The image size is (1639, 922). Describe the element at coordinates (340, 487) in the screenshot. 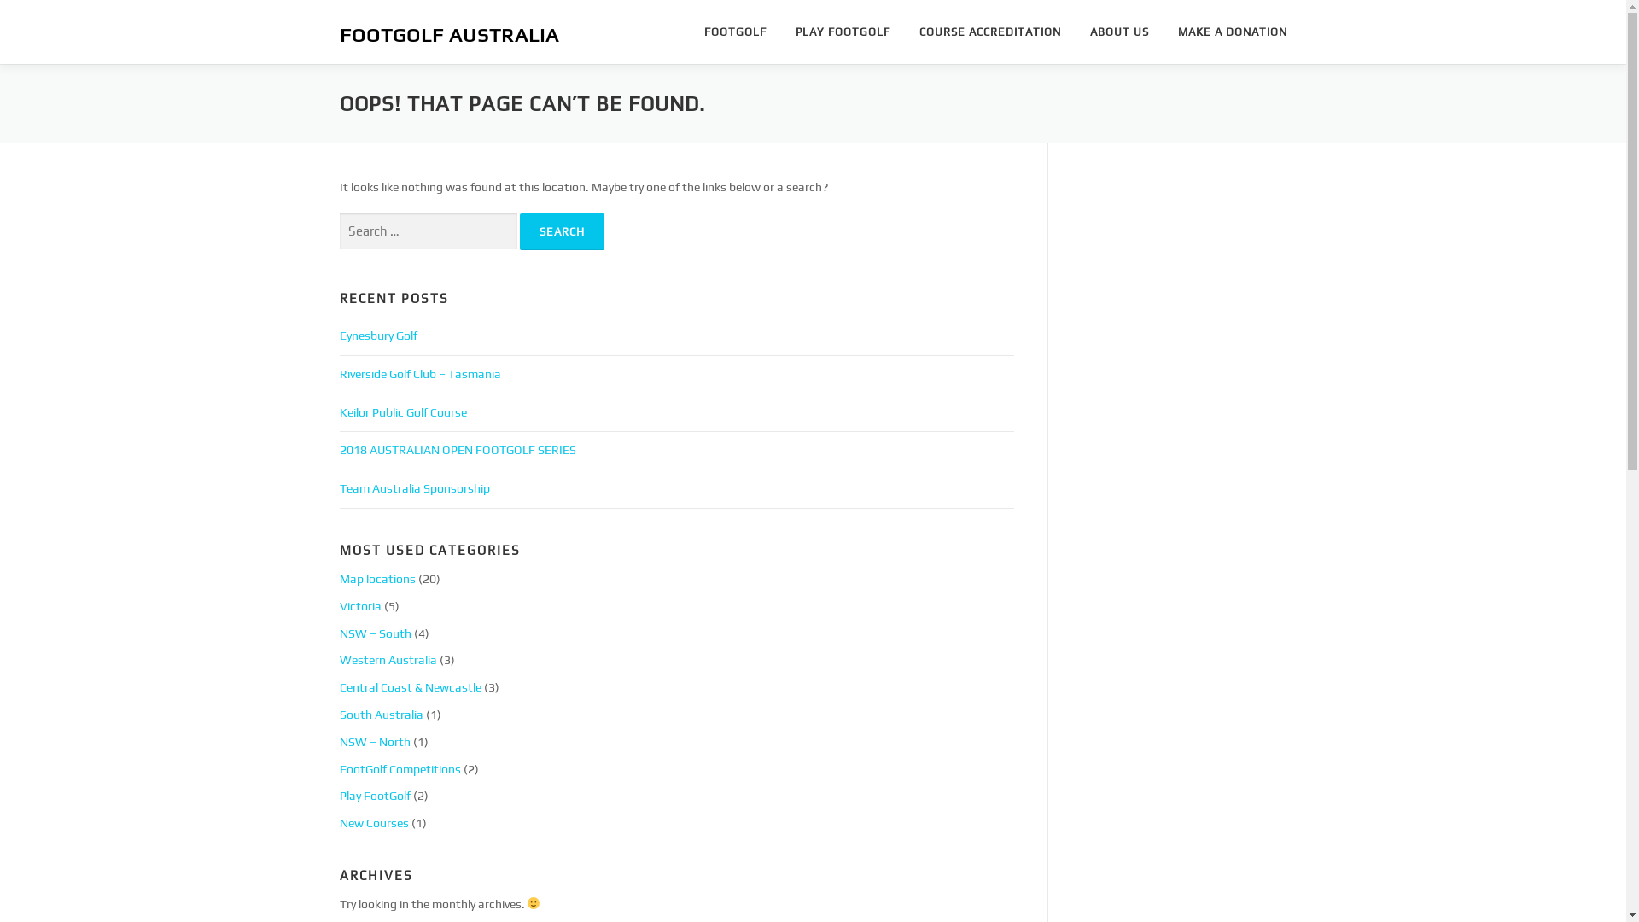

I see `'Team Australia Sponsorship'` at that location.